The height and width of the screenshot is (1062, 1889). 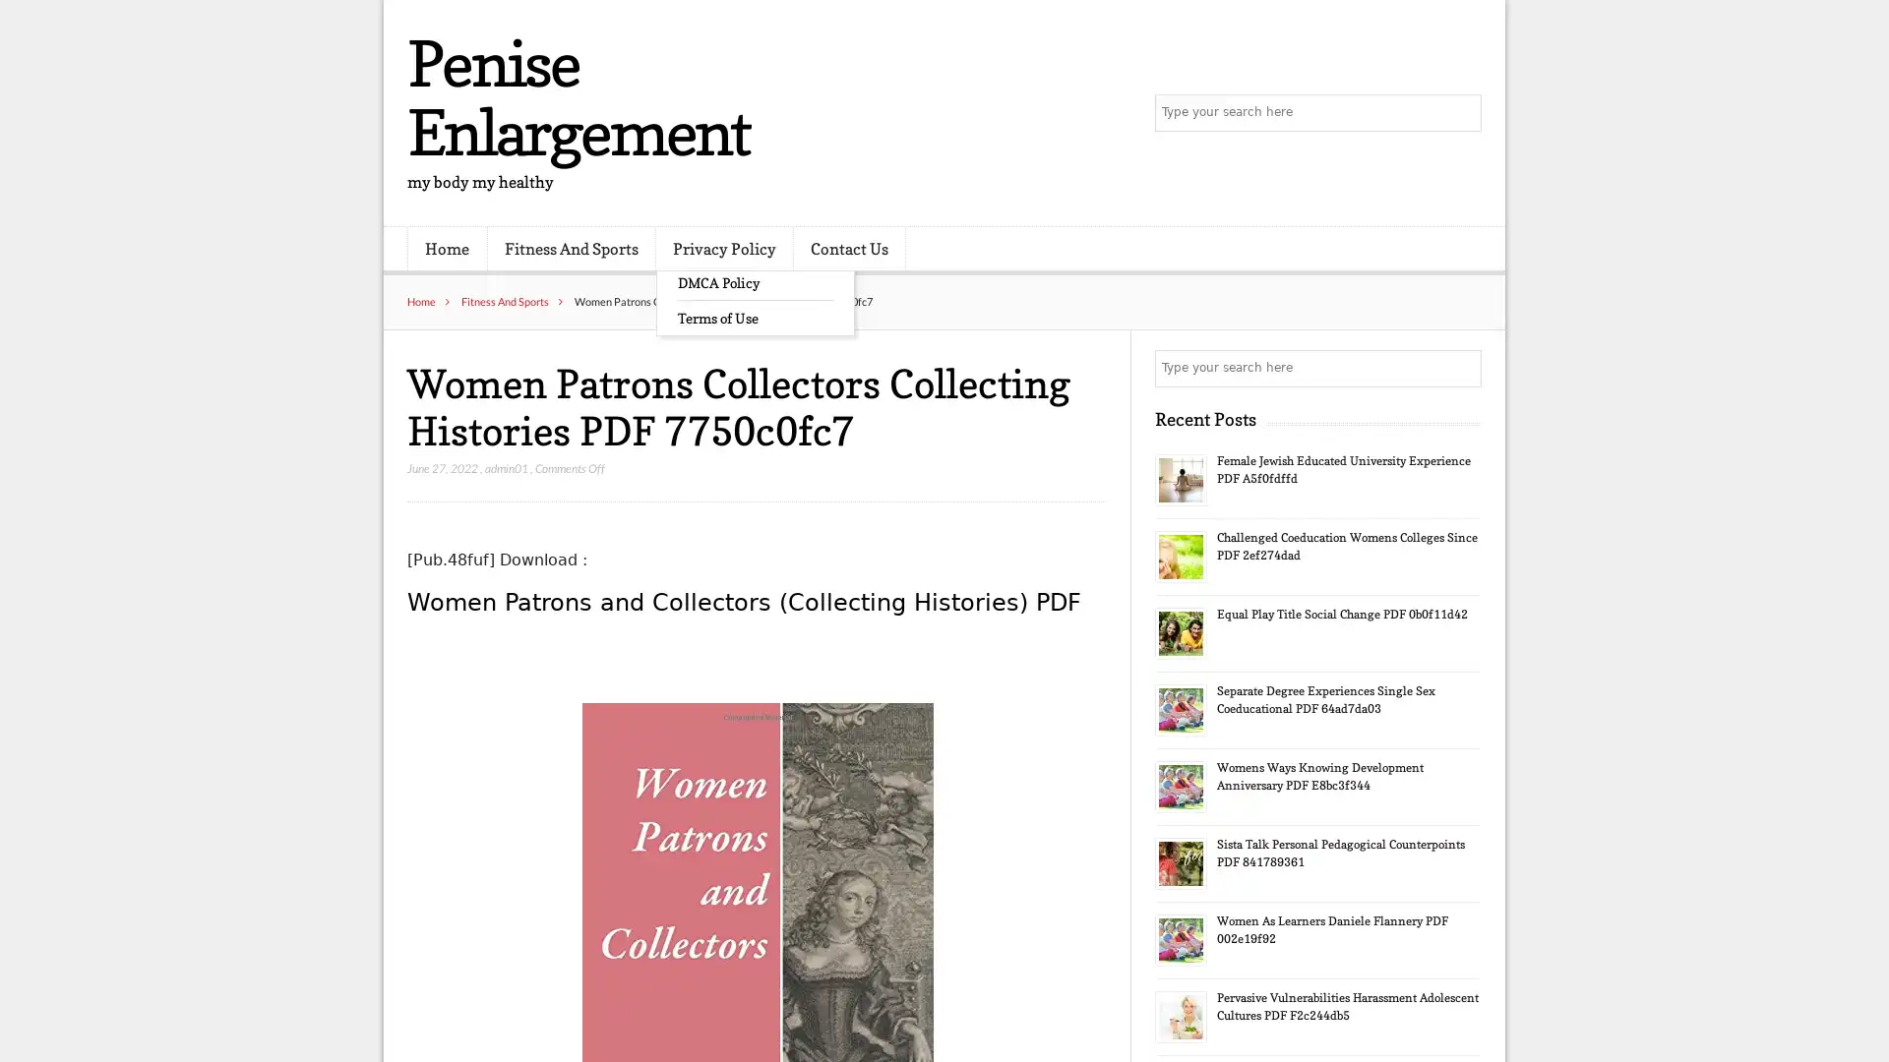 What do you see at coordinates (1461, 368) in the screenshot?
I see `Search` at bounding box center [1461, 368].